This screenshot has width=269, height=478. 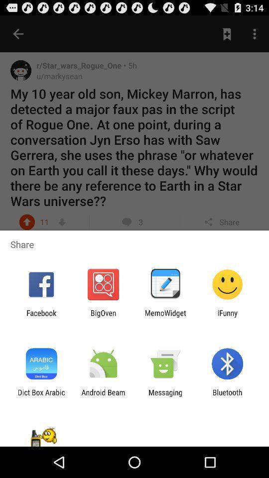 What do you see at coordinates (165, 317) in the screenshot?
I see `app next to ifunny icon` at bounding box center [165, 317].